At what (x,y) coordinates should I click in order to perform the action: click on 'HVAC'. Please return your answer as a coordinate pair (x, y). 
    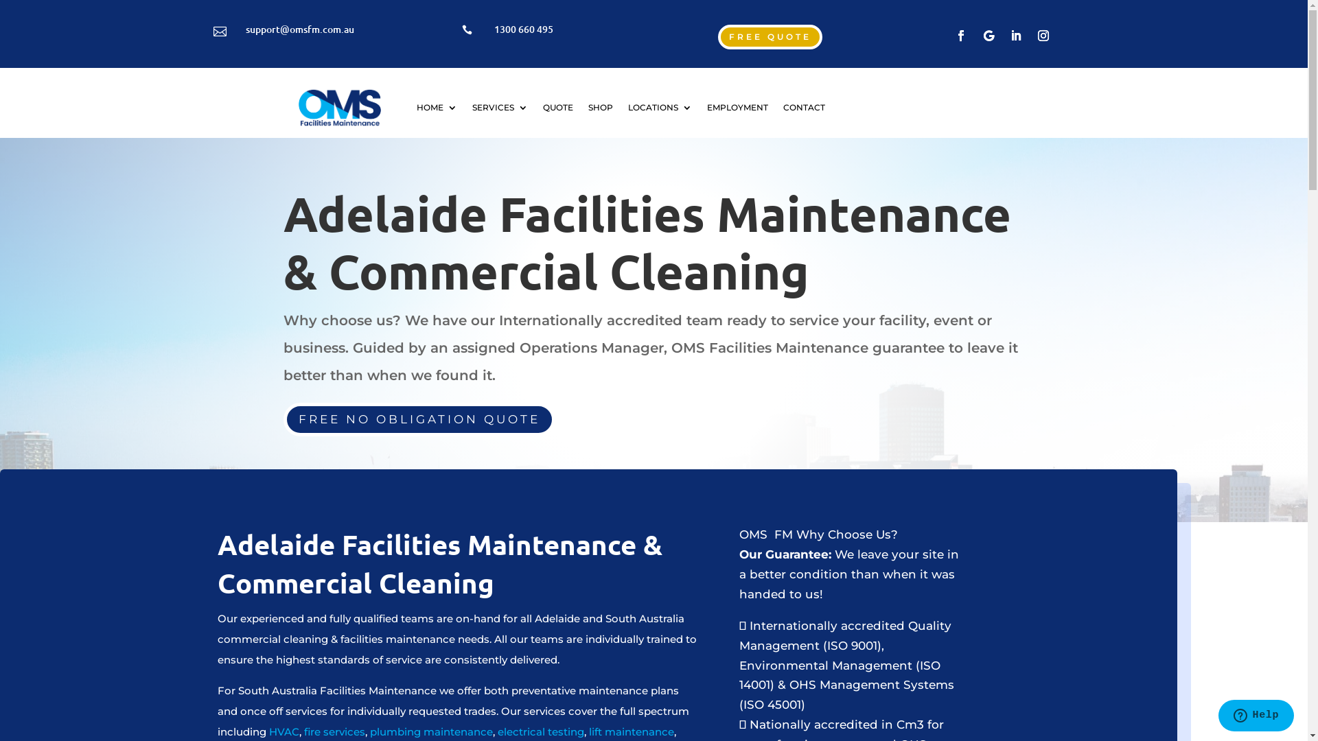
    Looking at the image, I should click on (283, 731).